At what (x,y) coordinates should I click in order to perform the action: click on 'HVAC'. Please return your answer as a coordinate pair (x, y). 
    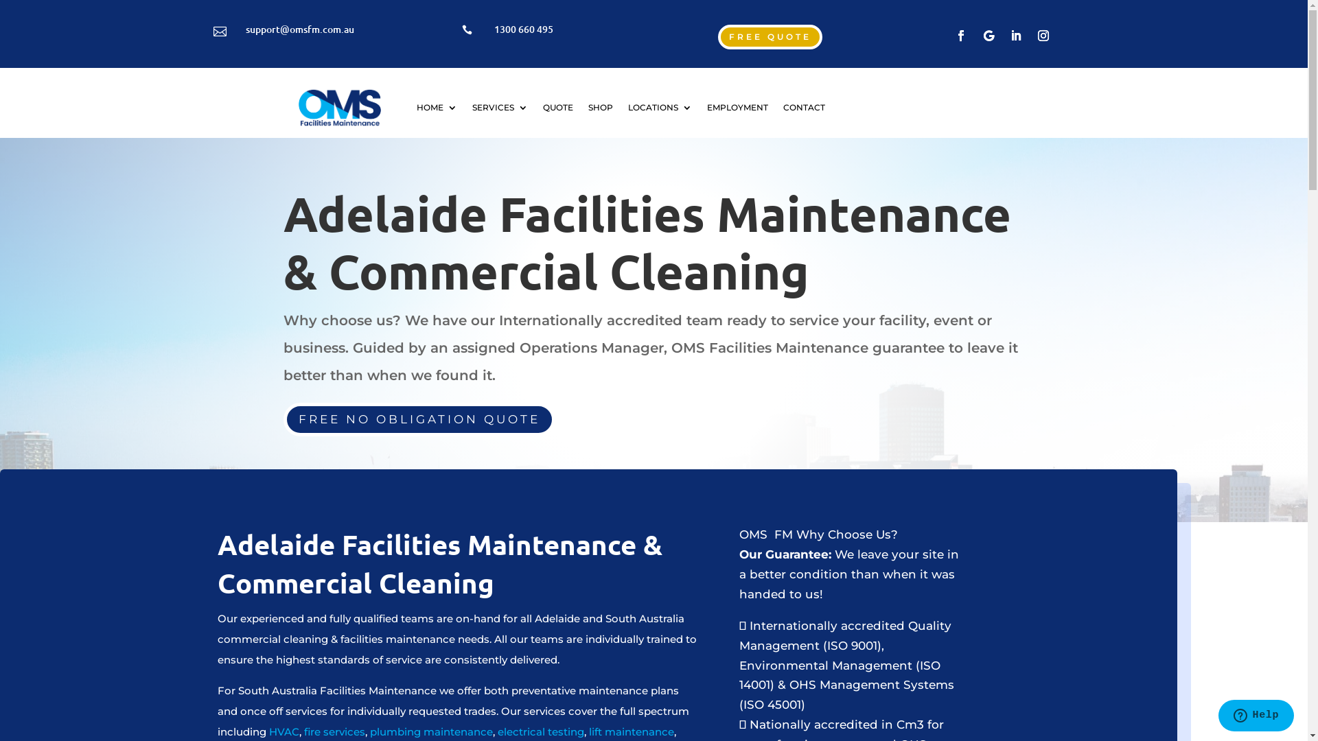
    Looking at the image, I should click on (283, 731).